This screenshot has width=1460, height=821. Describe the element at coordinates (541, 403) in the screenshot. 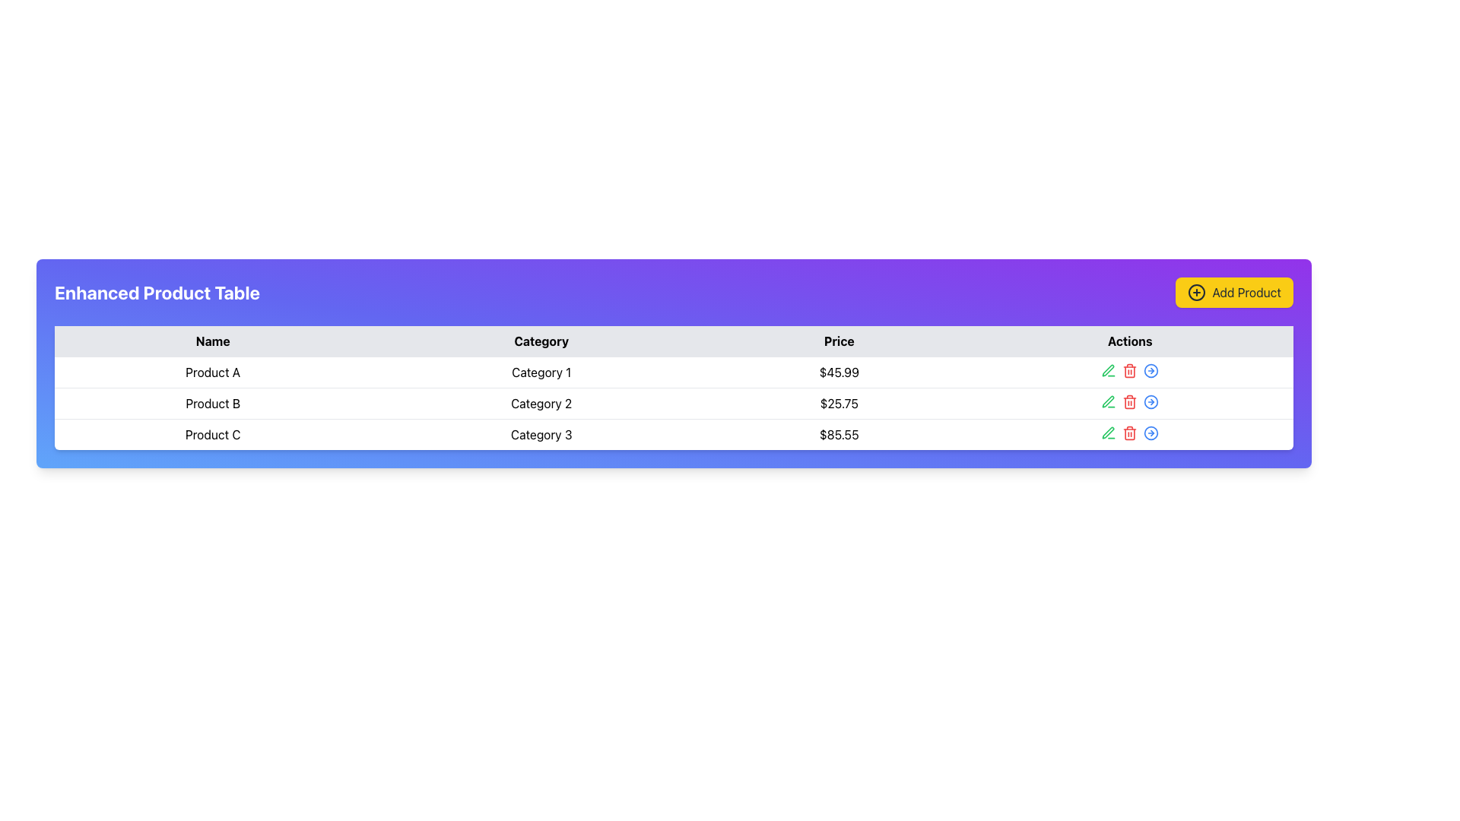

I see `the text label displaying 'Category 2' which is located in the second column of a table row under the 'Category' column, between 'Product B' and '$25.75'` at that location.